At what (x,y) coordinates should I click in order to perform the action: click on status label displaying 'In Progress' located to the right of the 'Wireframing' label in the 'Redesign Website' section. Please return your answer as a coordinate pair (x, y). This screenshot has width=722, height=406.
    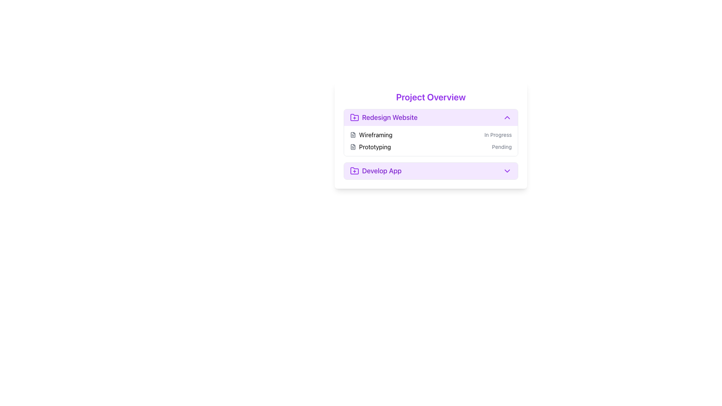
    Looking at the image, I should click on (498, 134).